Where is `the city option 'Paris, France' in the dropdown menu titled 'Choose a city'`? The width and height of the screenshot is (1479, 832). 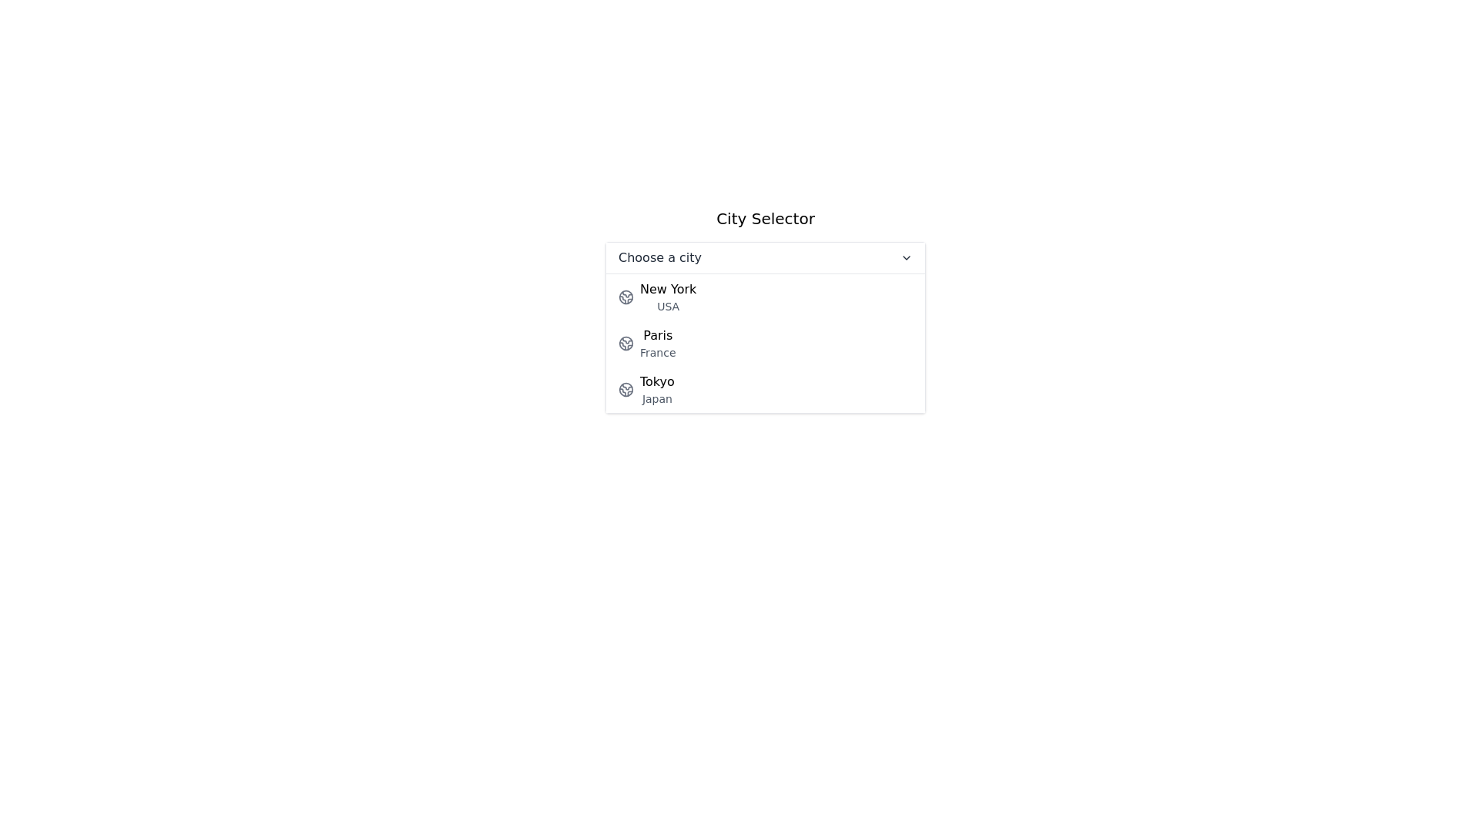 the city option 'Paris, France' in the dropdown menu titled 'Choose a city' is located at coordinates (765, 343).